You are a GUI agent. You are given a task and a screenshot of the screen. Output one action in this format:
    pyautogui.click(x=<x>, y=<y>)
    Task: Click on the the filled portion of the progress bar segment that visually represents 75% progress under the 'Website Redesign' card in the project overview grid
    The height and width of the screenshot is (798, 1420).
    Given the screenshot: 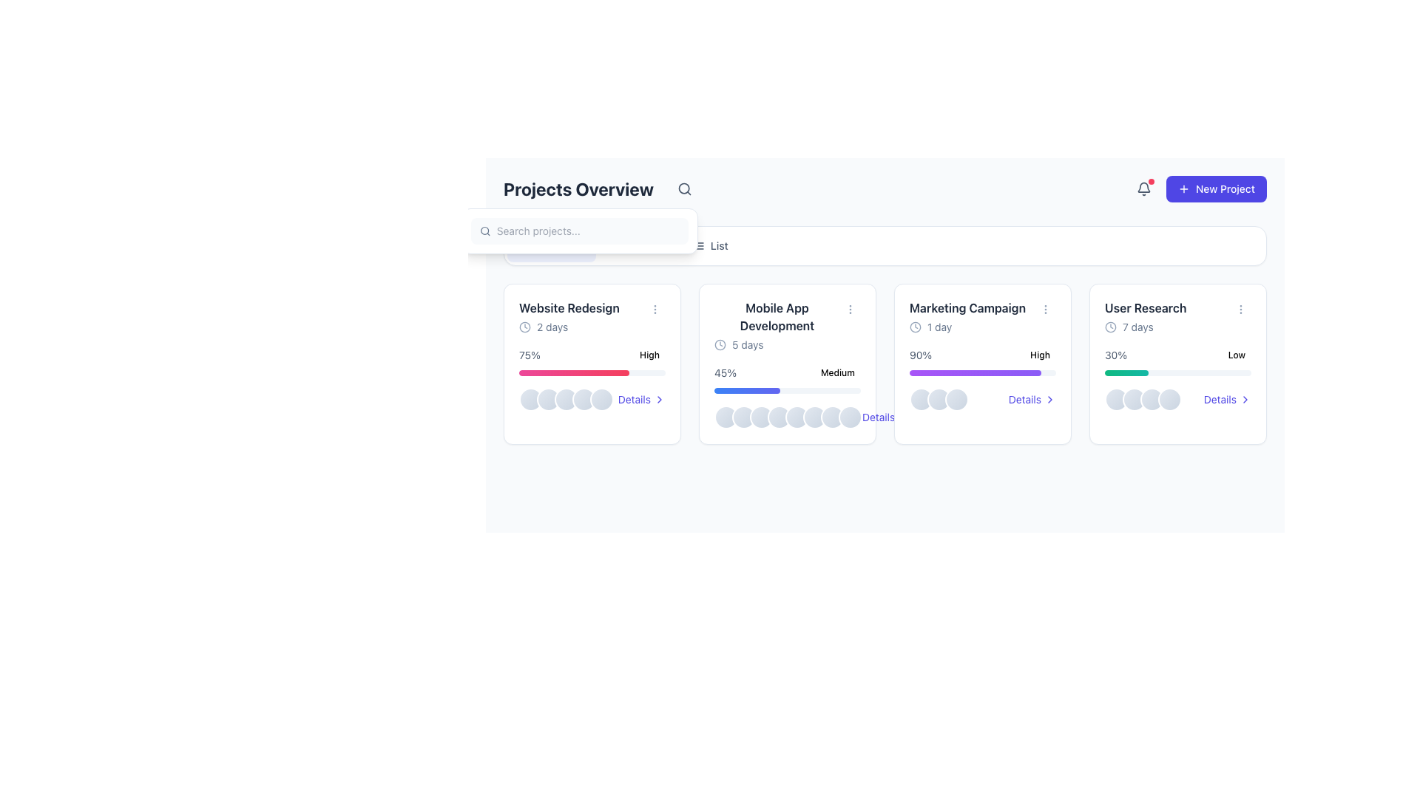 What is the action you would take?
    pyautogui.click(x=573, y=372)
    